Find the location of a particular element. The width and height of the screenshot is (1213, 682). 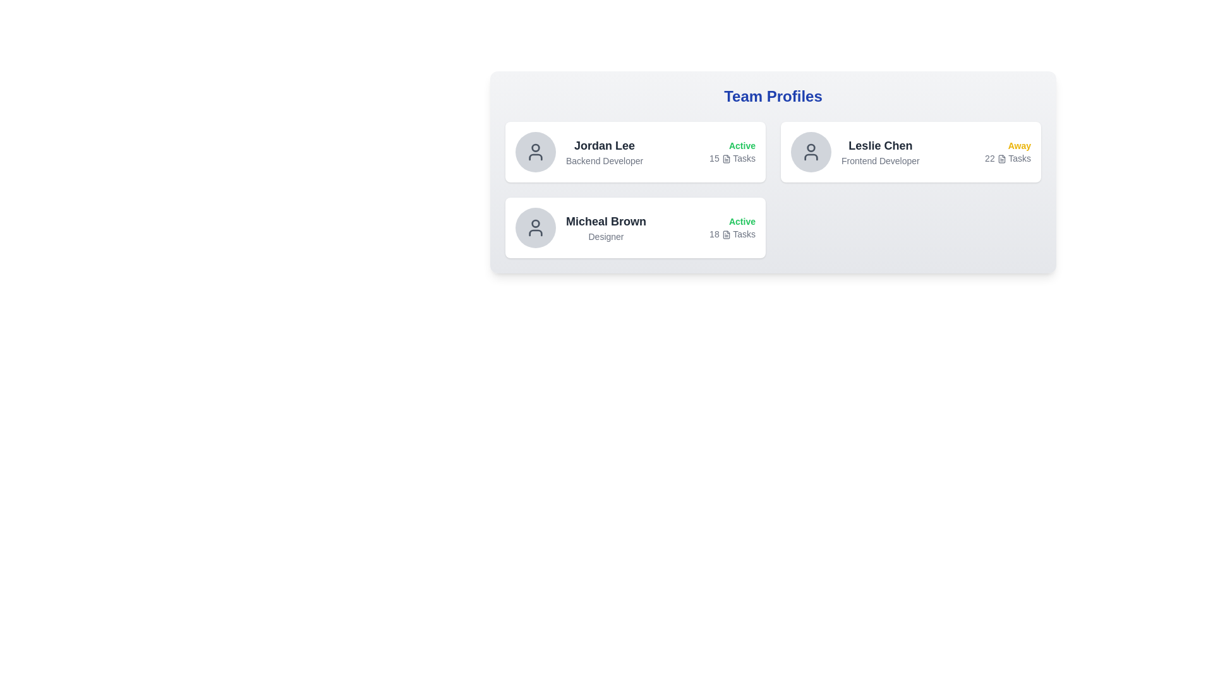

the profile display card for Micheal Brown, which serves as a profile header indicating their role as a Designer. This card is the second is located at coordinates (580, 228).